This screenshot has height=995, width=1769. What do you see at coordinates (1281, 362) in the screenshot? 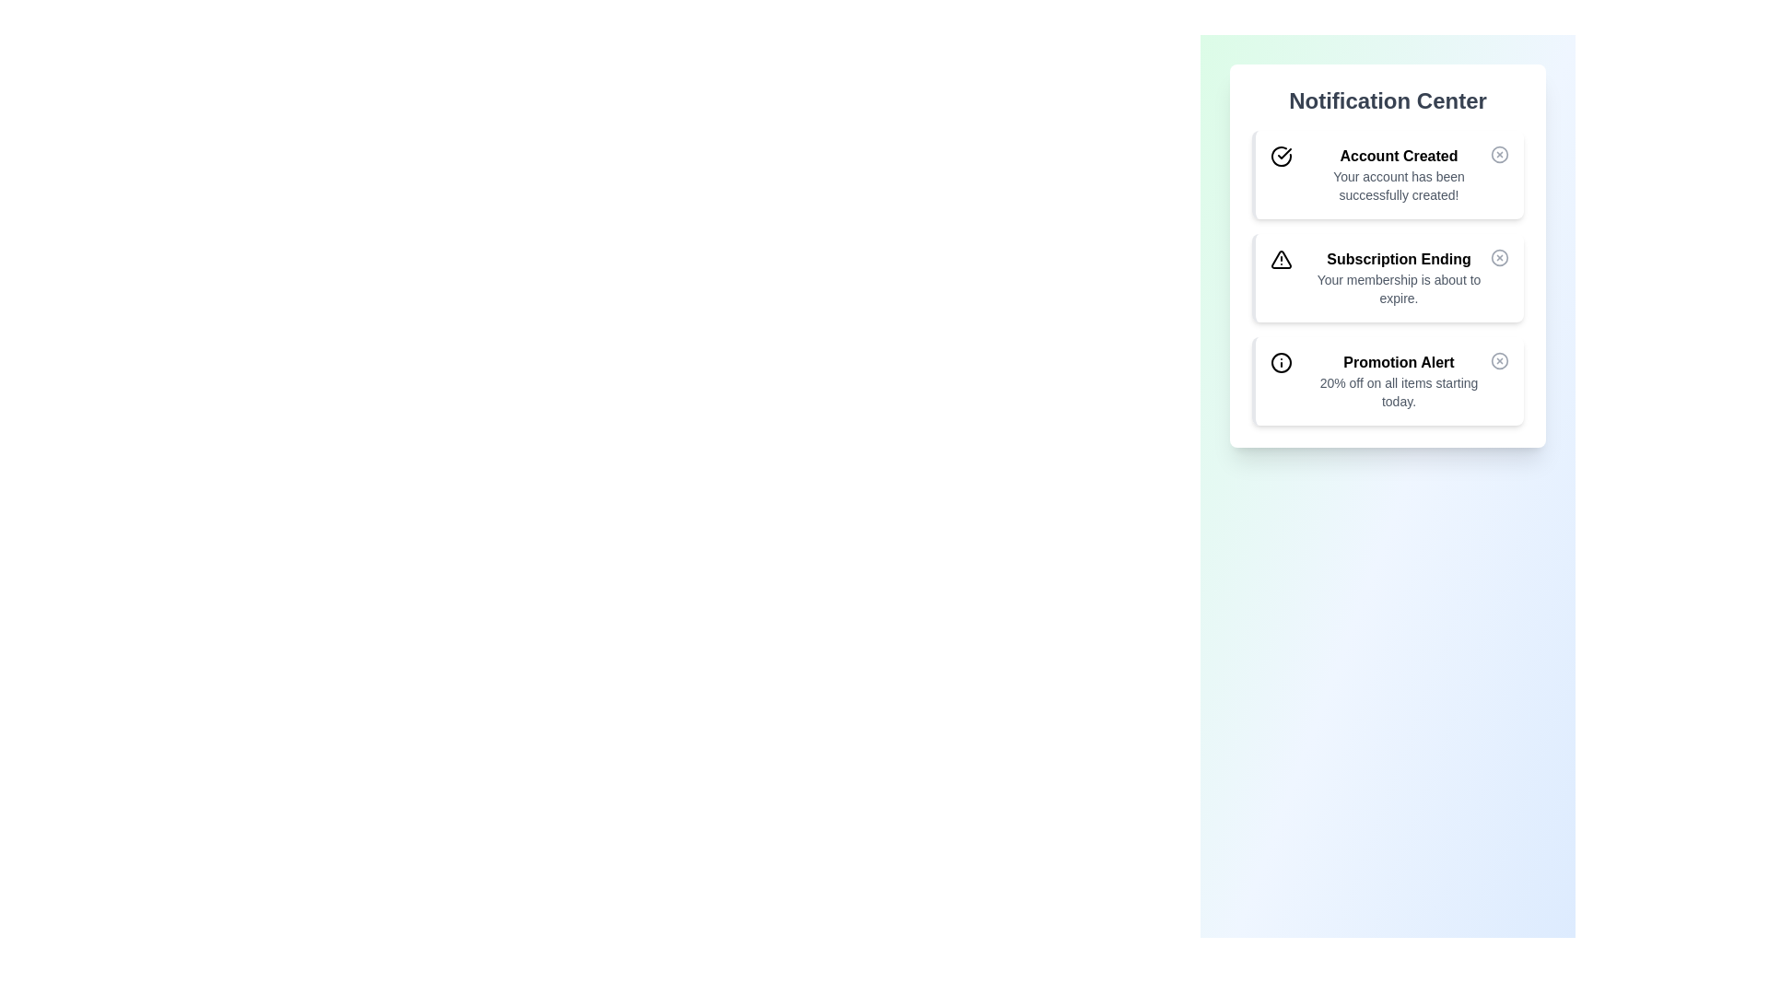
I see `the circular element within the SVG graphic that is part of the 'Promotion Alert' notification card` at bounding box center [1281, 362].